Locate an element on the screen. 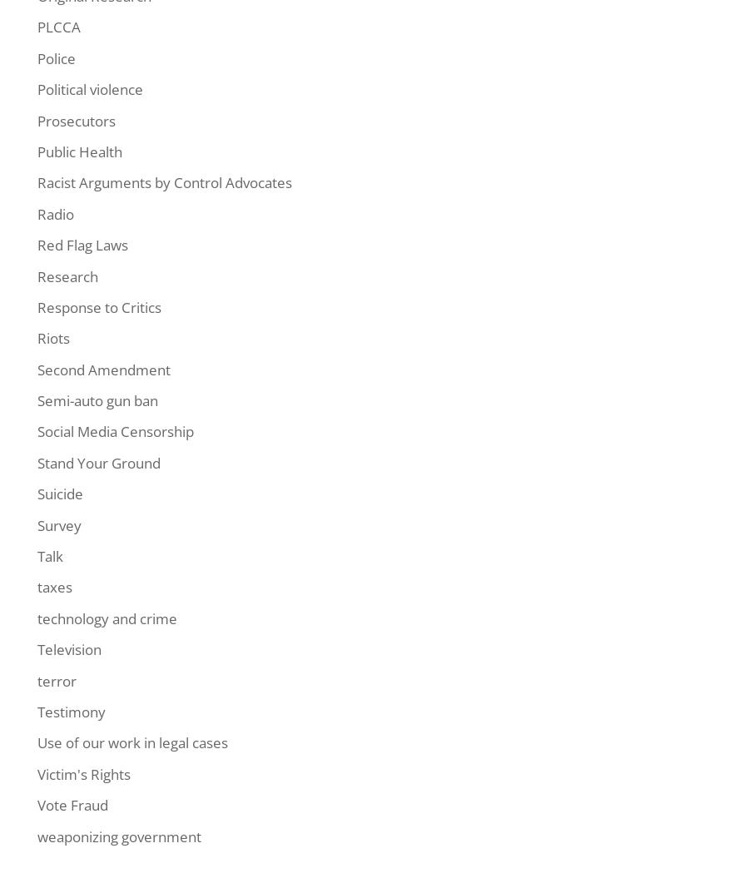  'Second Amendment' is located at coordinates (104, 369).